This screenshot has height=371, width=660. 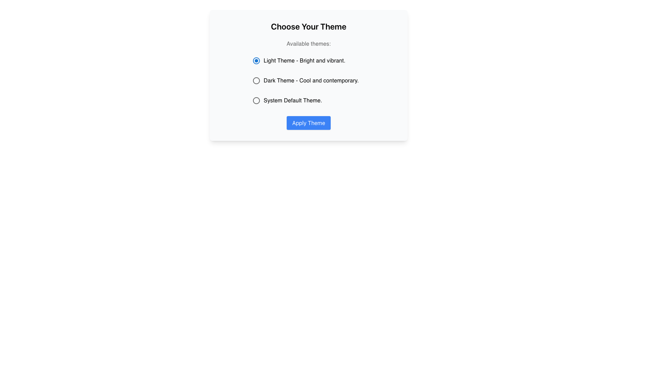 I want to click on the 'Light Theme' radio button label, so click(x=304, y=60).